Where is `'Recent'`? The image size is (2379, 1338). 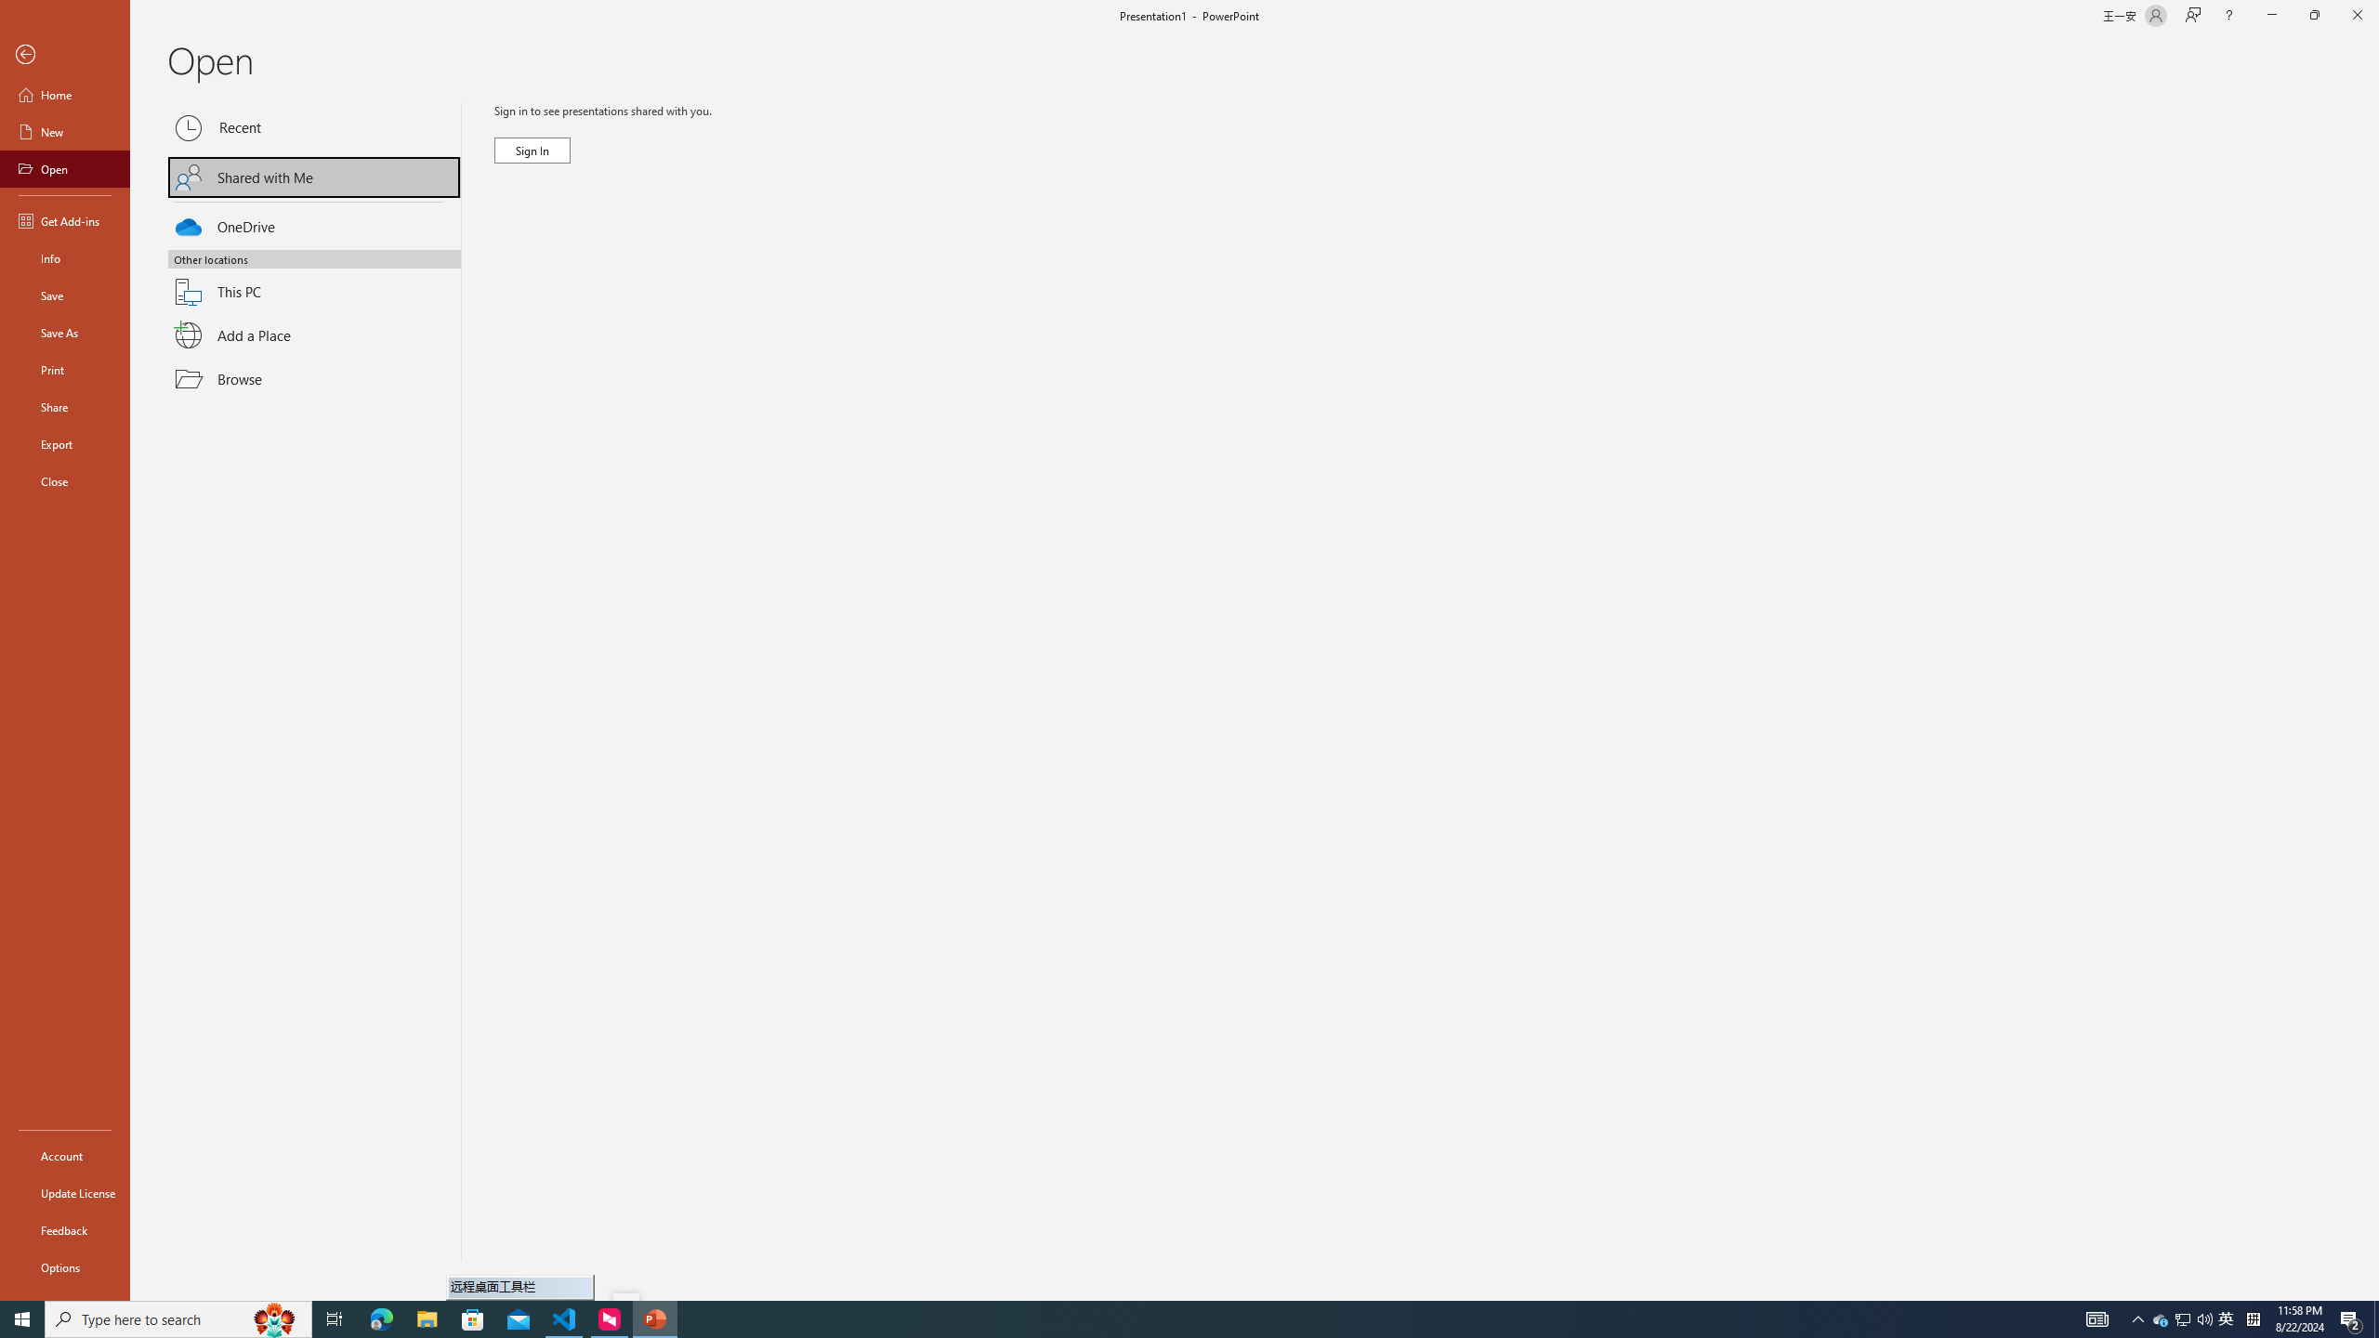
'Recent' is located at coordinates (314, 127).